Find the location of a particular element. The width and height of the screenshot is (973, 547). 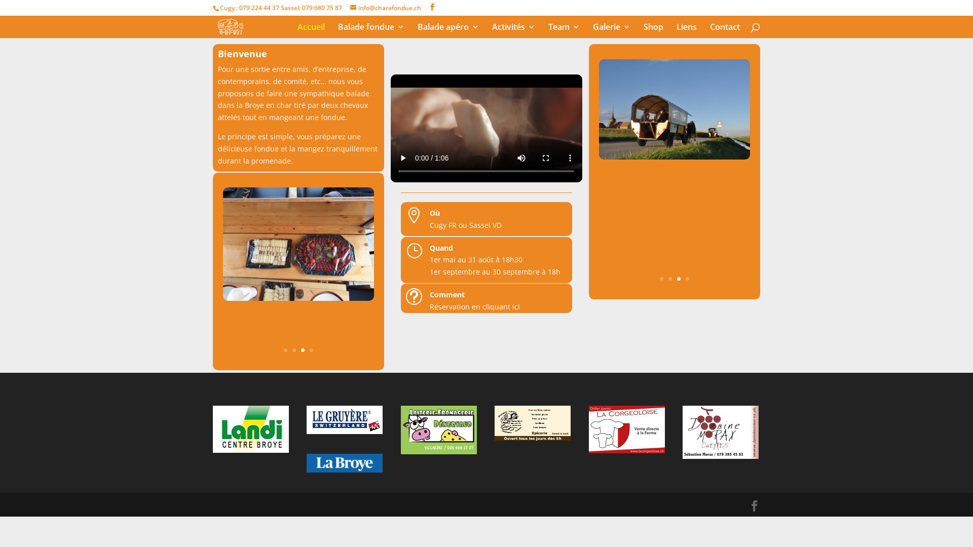

'4' is located at coordinates (687, 279).